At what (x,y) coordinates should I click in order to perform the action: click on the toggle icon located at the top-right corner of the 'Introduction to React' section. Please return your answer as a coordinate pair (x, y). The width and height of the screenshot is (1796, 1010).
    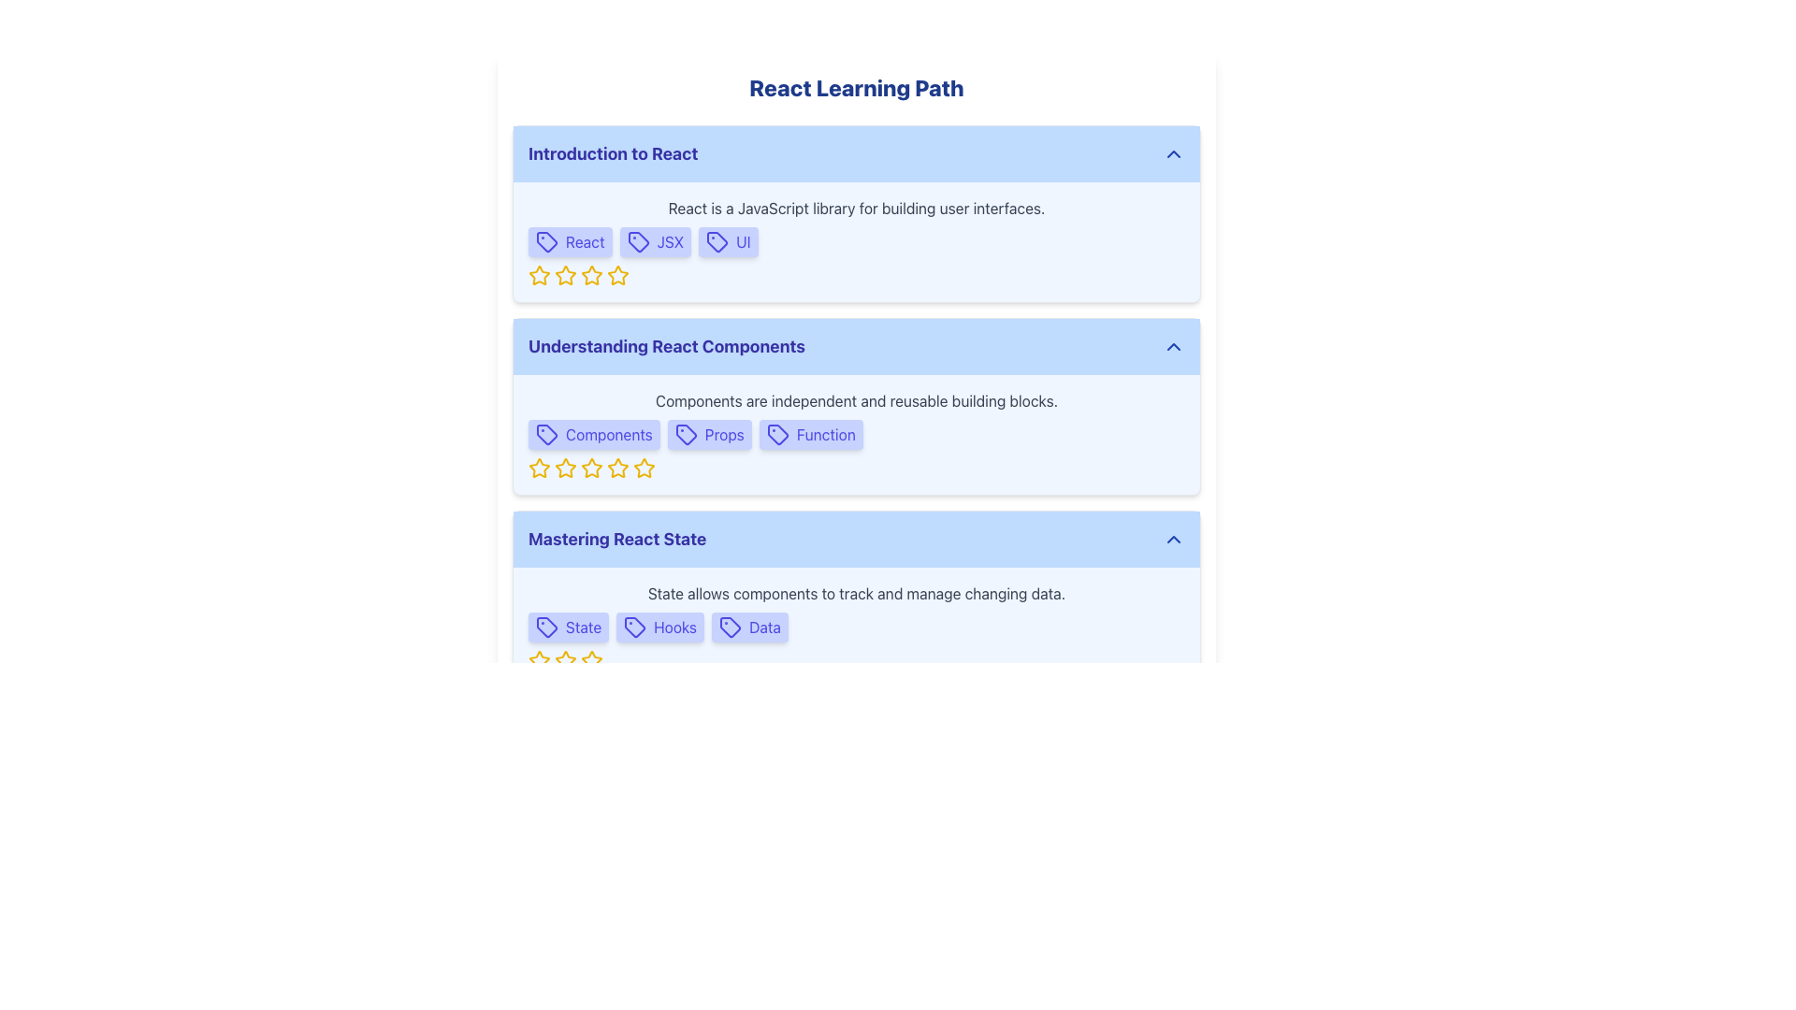
    Looking at the image, I should click on (1172, 153).